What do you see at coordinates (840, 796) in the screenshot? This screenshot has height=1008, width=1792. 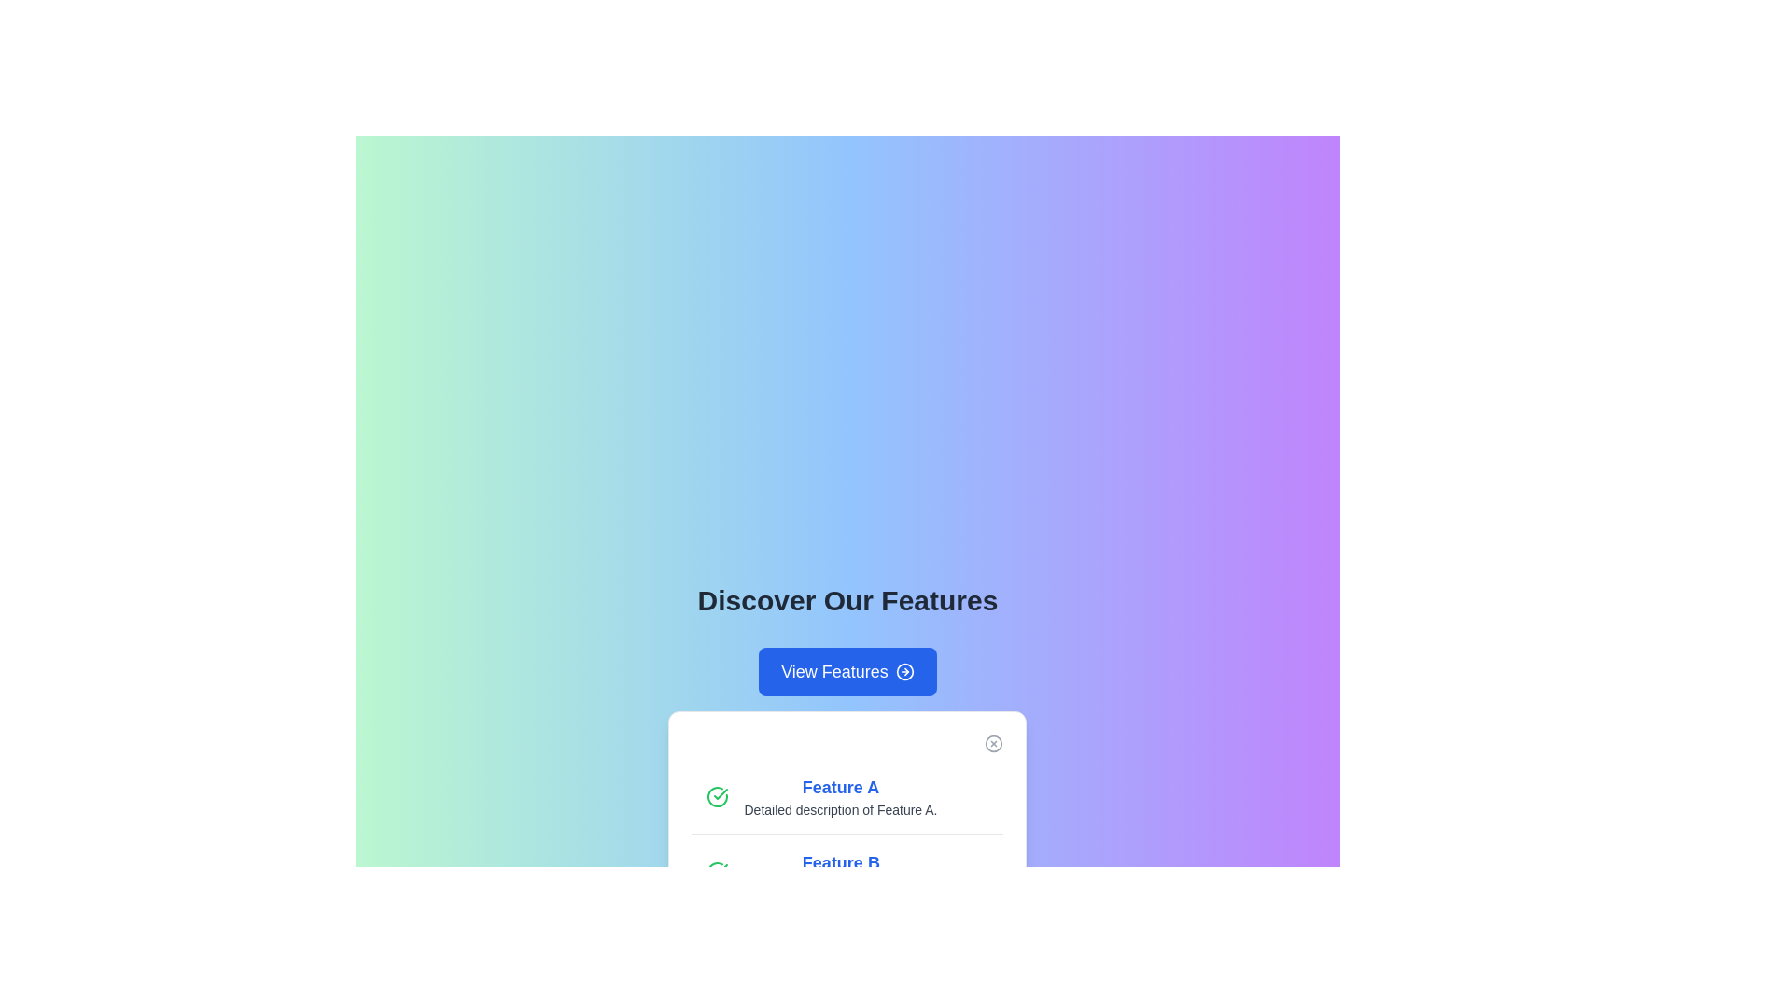 I see `text content of the Text block titled 'Feature A' with a subtitle 'Detailed description of Feature A.' located in the center section of the card under the header 'Discover Our Features.'` at bounding box center [840, 796].